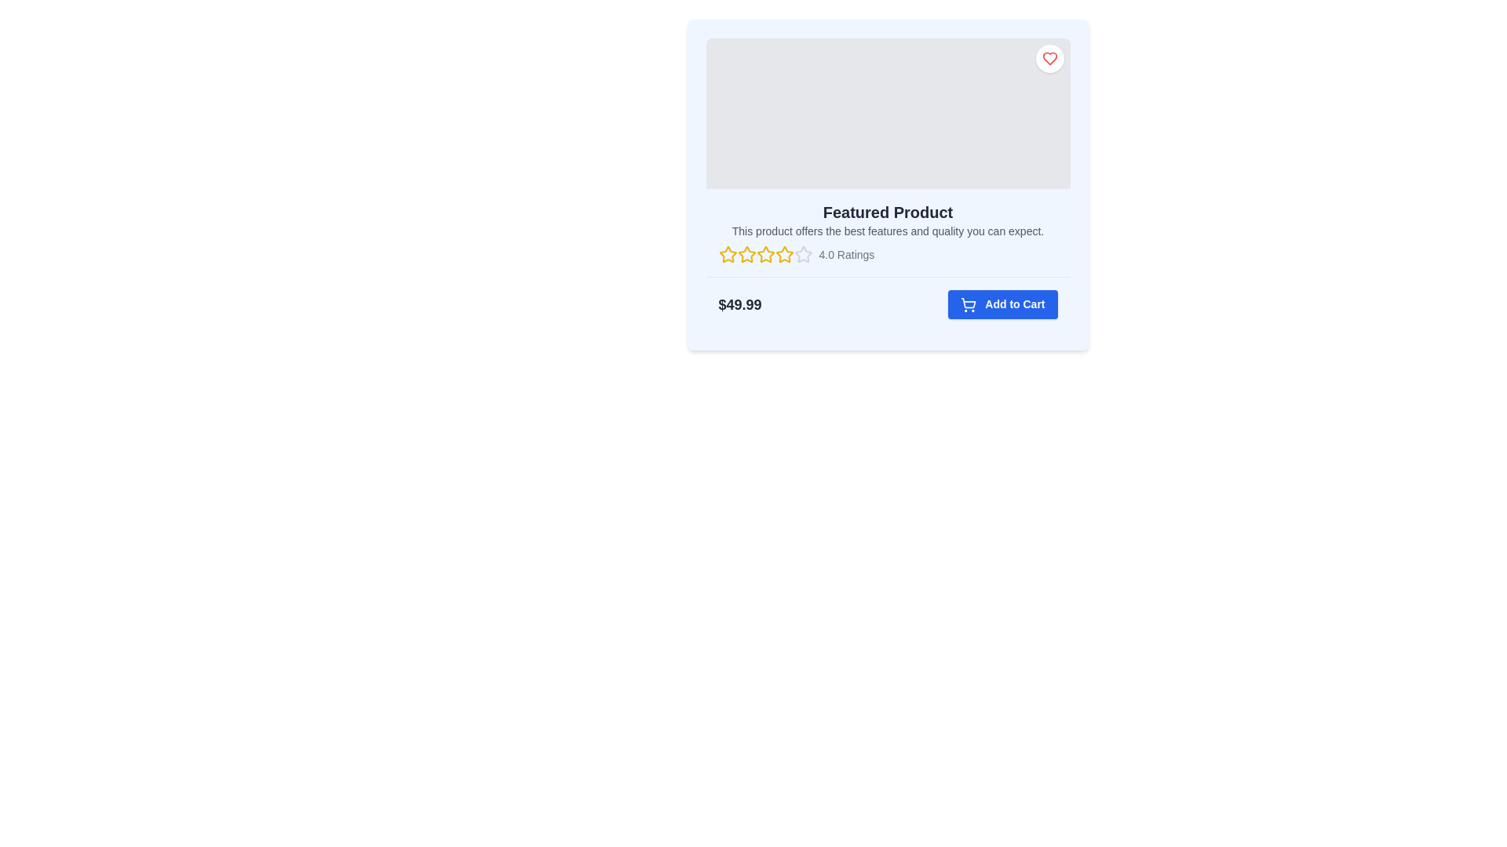  Describe the element at coordinates (784, 253) in the screenshot. I see `the yellow five-pointed star icon, which is the third star in a row of five stars under the 'Featured Product' title` at that location.